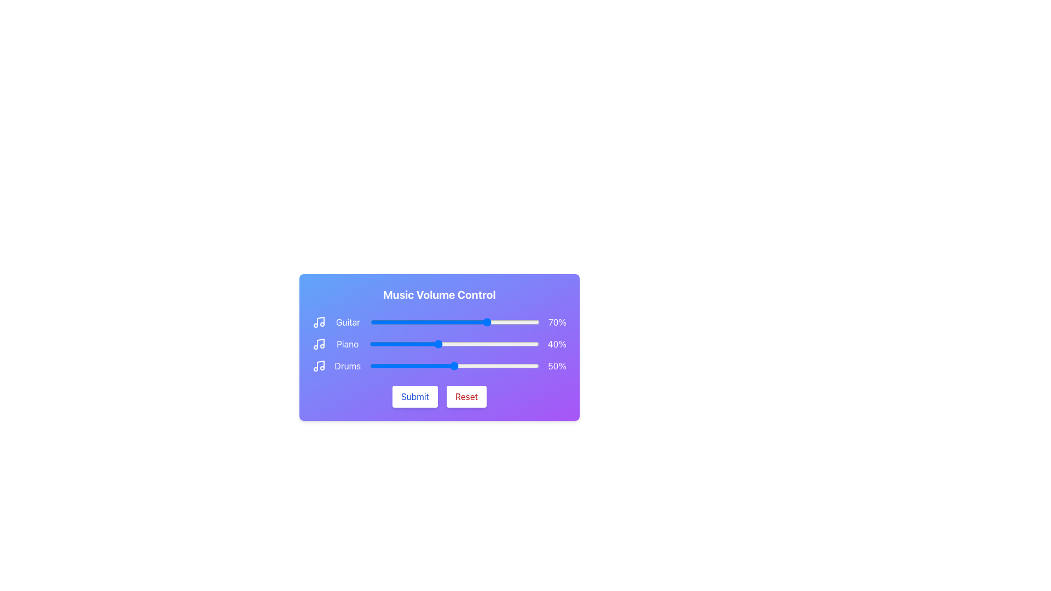  Describe the element at coordinates (457, 322) in the screenshot. I see `guitar volume` at that location.